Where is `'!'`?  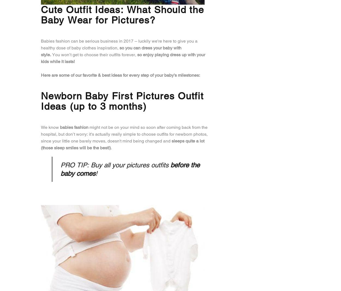 '!' is located at coordinates (96, 173).